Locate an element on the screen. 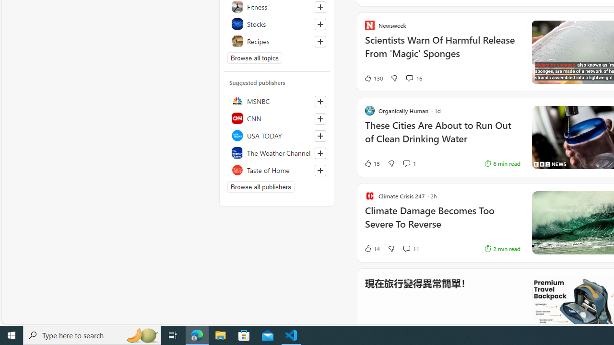 Image resolution: width=614 pixels, height=345 pixels. 'View comments 16 Comment' is located at coordinates (409, 78).